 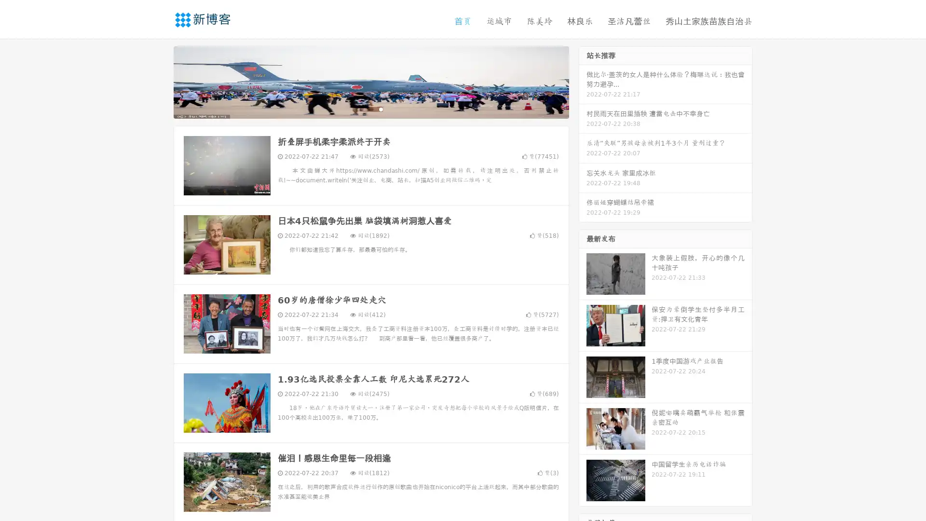 I want to click on Next slide, so click(x=583, y=81).